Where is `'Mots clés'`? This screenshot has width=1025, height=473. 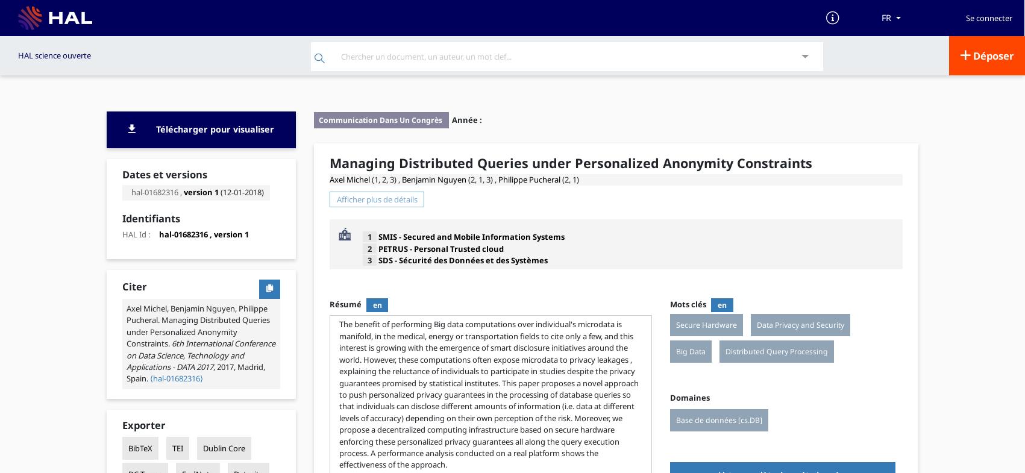
'Mots clés' is located at coordinates (688, 304).